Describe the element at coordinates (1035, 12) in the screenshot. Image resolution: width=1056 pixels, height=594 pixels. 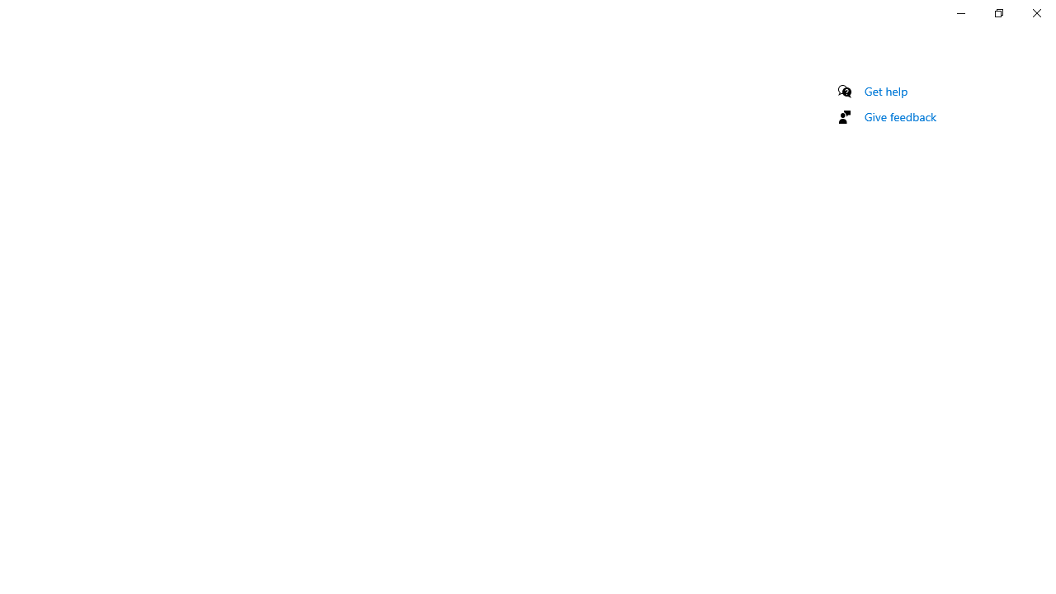
I see `'Close Settings'` at that location.